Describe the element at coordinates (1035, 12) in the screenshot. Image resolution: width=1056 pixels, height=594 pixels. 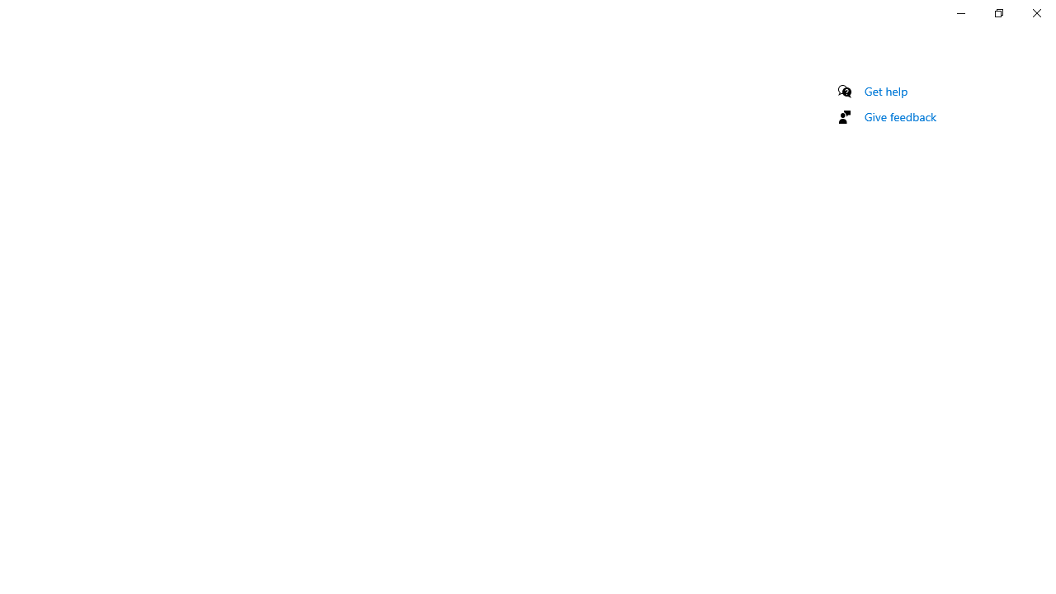
I see `'Close Settings'` at that location.